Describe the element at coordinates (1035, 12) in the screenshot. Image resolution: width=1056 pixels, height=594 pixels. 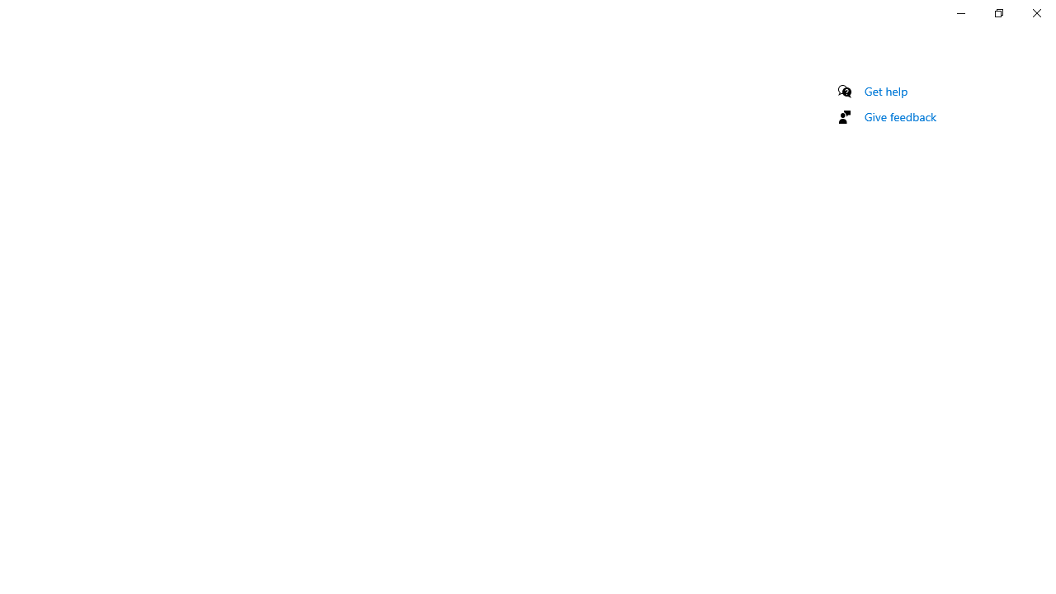
I see `'Close Settings'` at that location.